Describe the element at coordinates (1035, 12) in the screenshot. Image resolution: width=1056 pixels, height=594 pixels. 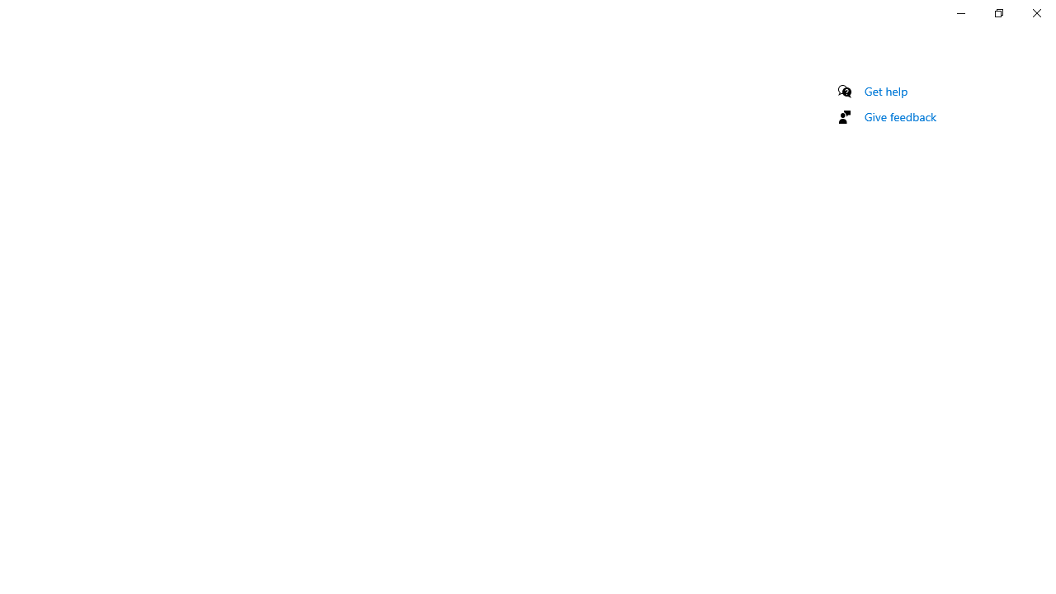
I see `'Close Settings'` at that location.